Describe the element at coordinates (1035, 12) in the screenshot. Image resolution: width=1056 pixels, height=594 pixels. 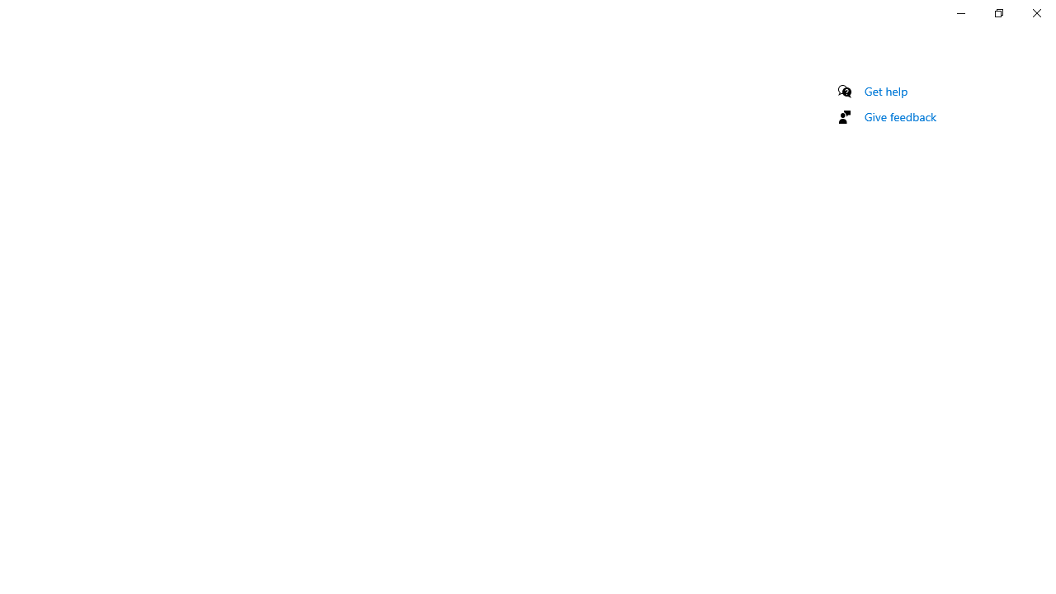
I see `'Close Settings'` at that location.